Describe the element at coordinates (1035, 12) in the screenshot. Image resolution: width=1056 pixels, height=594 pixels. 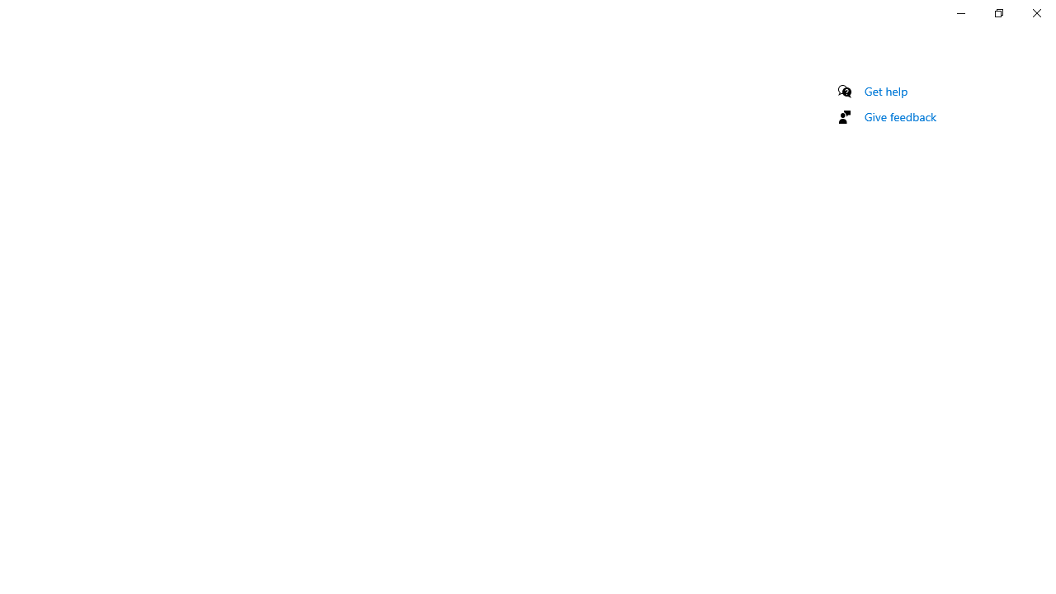
I see `'Close Settings'` at that location.